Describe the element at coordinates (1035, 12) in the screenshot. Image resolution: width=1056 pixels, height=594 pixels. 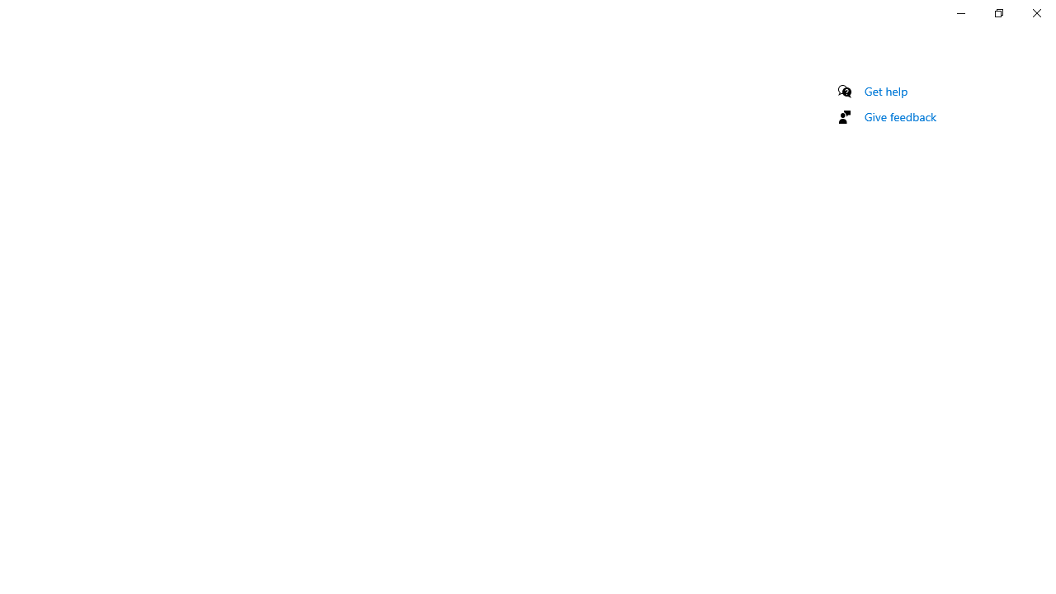
I see `'Close Settings'` at that location.